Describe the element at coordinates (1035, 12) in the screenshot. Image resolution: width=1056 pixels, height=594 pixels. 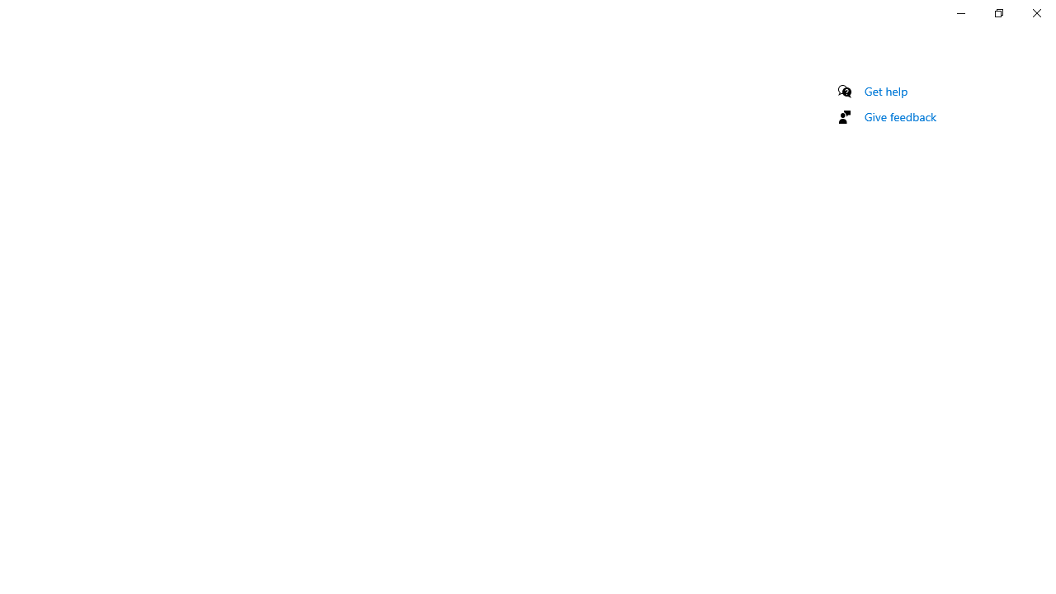
I see `'Close Settings'` at that location.